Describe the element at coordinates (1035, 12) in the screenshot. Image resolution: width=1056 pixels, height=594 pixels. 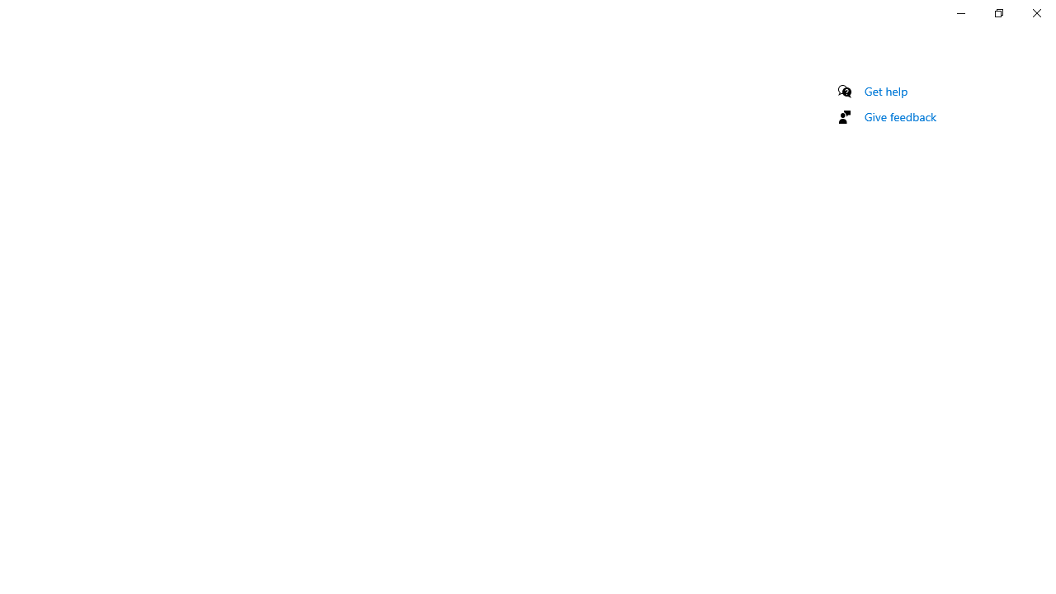
I see `'Close Settings'` at that location.